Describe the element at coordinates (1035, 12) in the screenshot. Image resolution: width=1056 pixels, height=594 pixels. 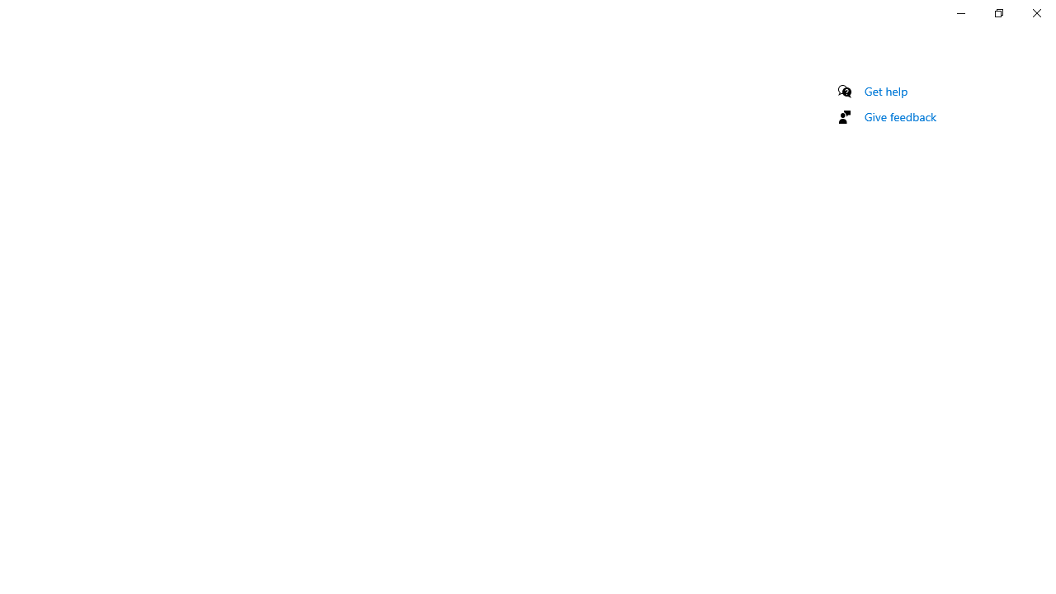
I see `'Close Settings'` at that location.